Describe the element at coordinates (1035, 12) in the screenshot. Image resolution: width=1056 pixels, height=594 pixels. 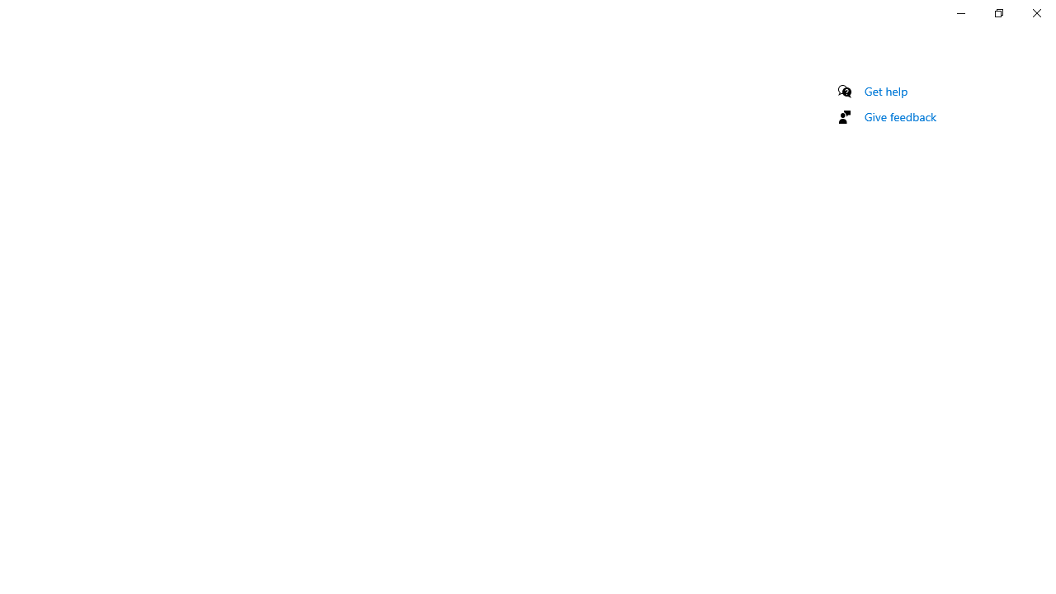
I see `'Close Settings'` at that location.